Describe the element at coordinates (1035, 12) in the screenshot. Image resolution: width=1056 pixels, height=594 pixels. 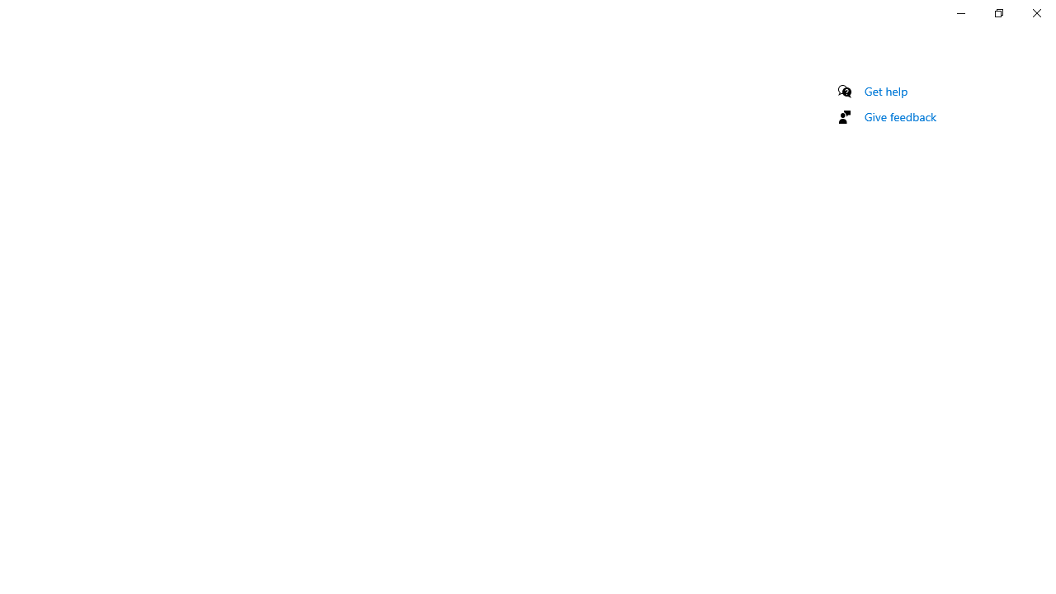
I see `'Close Settings'` at that location.